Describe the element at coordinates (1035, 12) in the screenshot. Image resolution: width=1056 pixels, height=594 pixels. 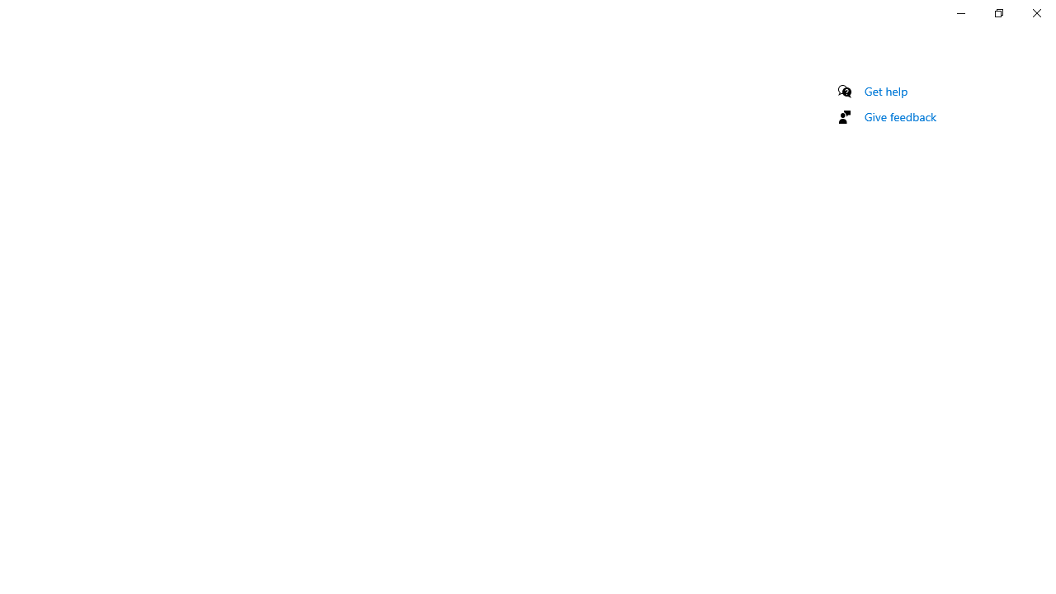
I see `'Close Settings'` at that location.